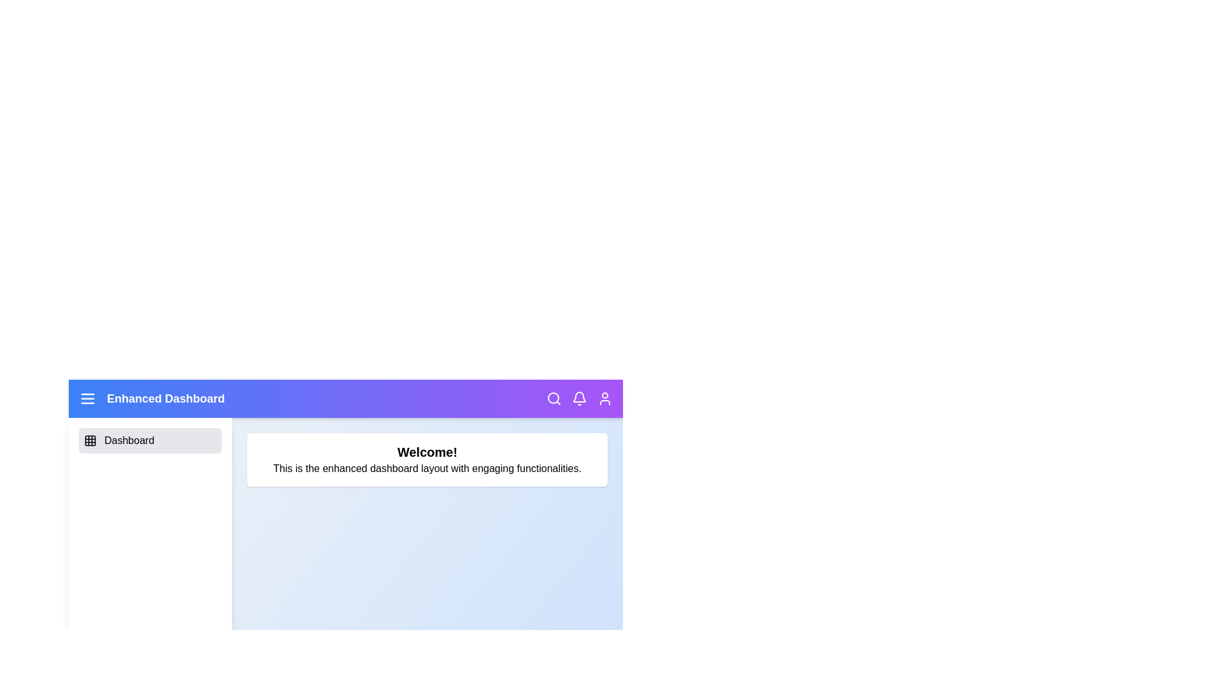  Describe the element at coordinates (150, 440) in the screenshot. I see `the 'Dashboard' menu item to select it` at that location.